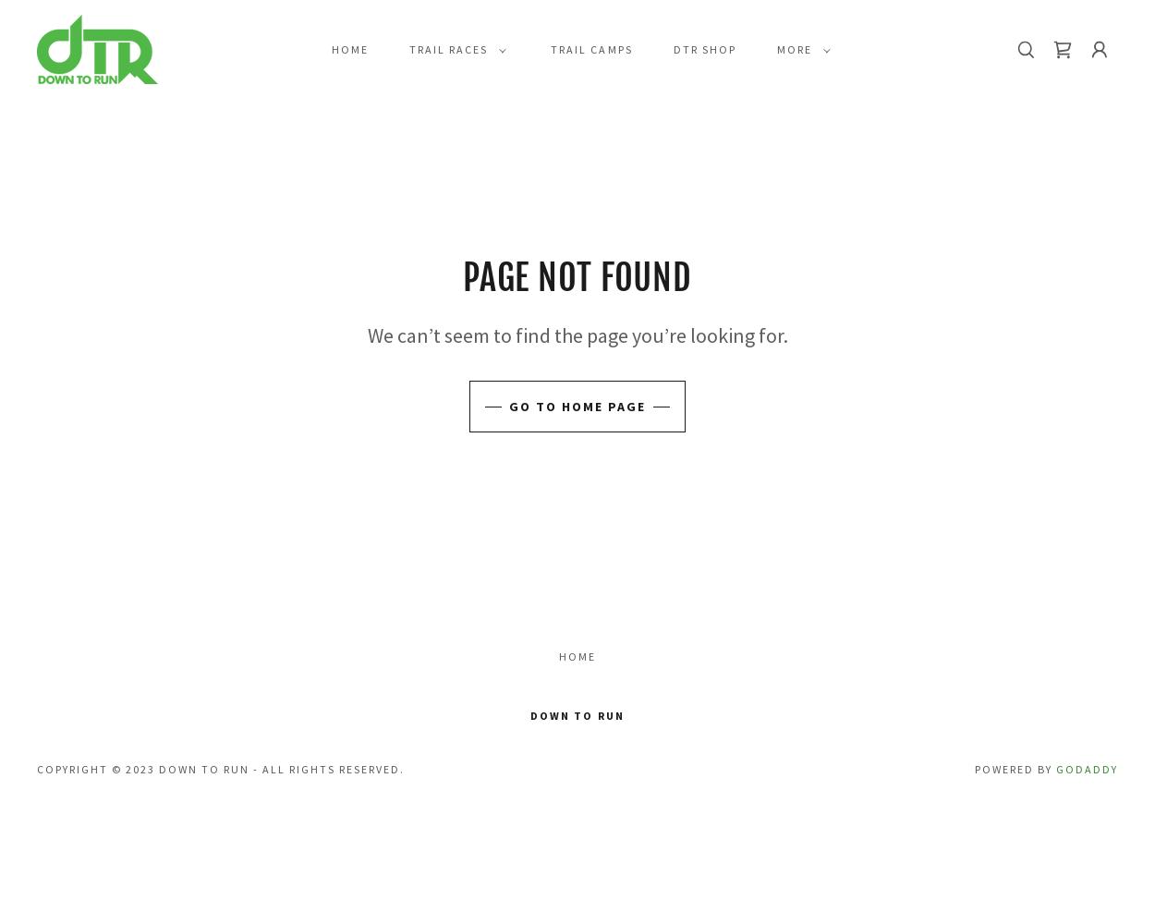  What do you see at coordinates (793, 48) in the screenshot?
I see `'More'` at bounding box center [793, 48].